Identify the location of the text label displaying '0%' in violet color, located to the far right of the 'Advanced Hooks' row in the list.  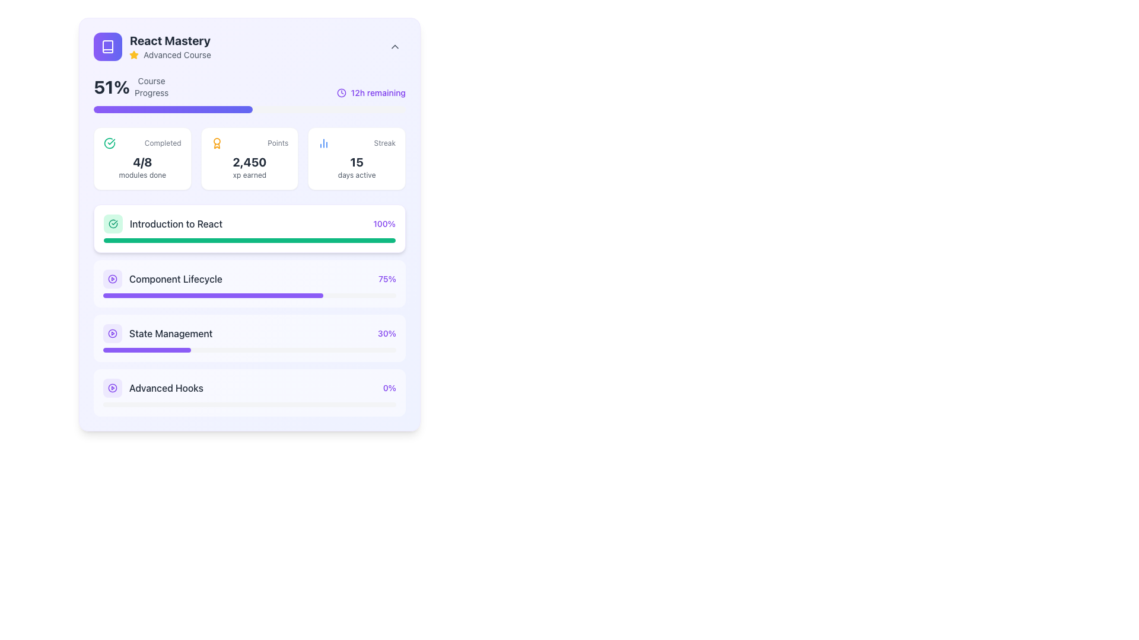
(389, 388).